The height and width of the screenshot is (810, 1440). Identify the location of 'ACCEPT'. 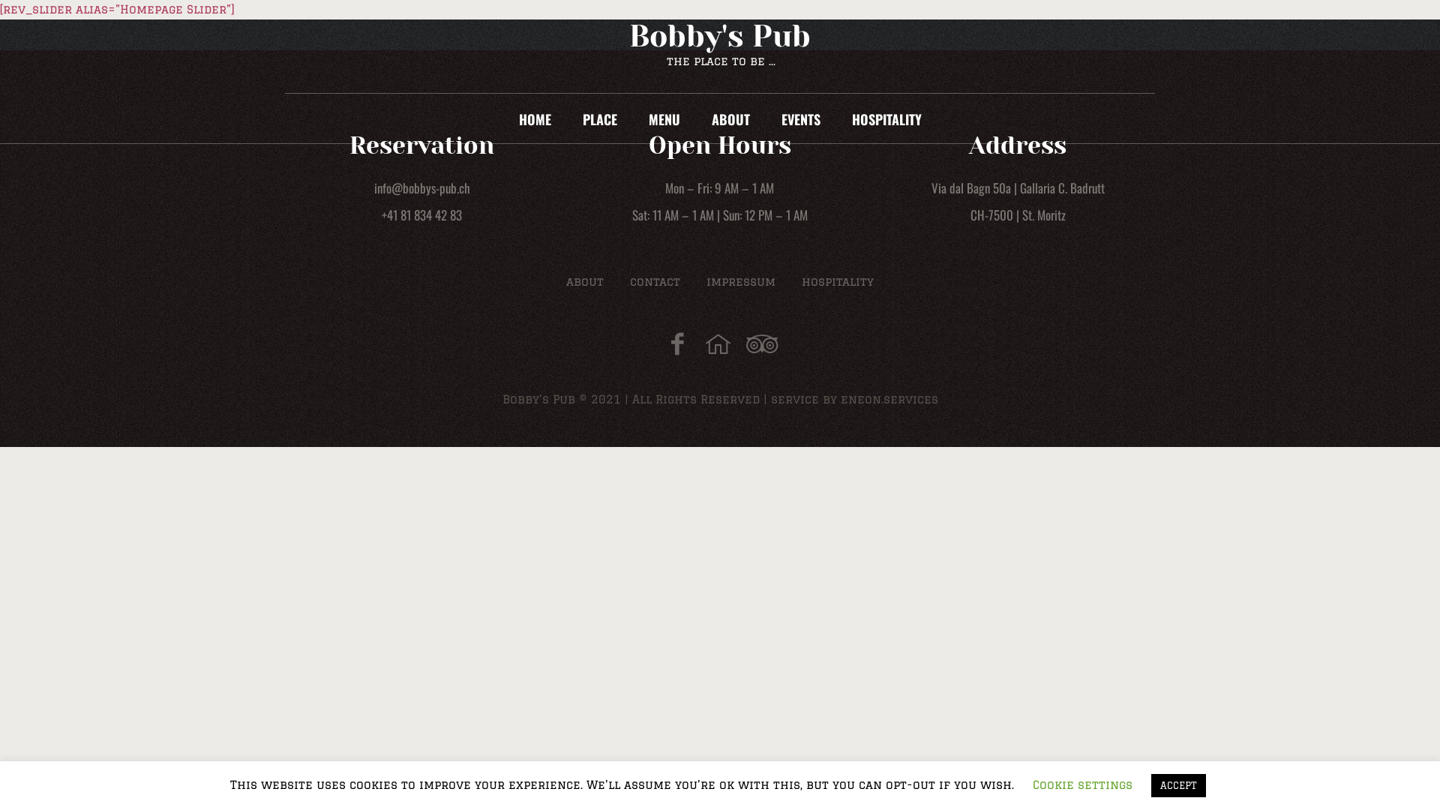
(1177, 784).